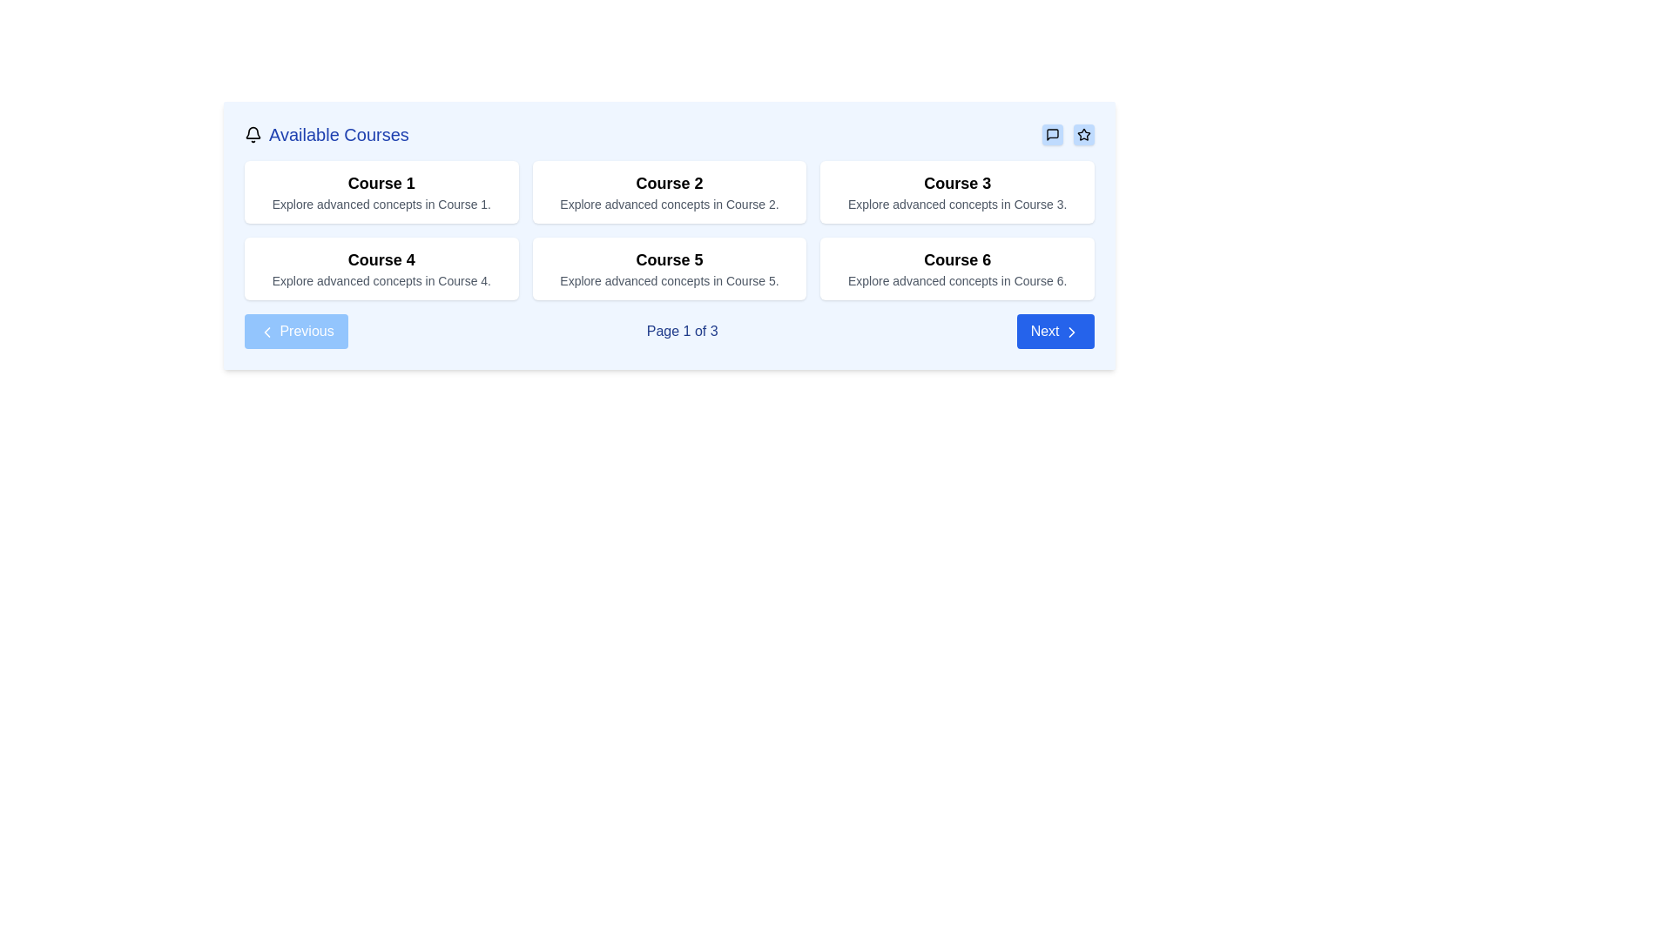 The height and width of the screenshot is (940, 1672). I want to click on the text label that serves as the title for the course card, located in the second row, first column of the grid layout, above the descriptive subtitle 'Explore advanced concepts in Course 4.', so click(381, 260).